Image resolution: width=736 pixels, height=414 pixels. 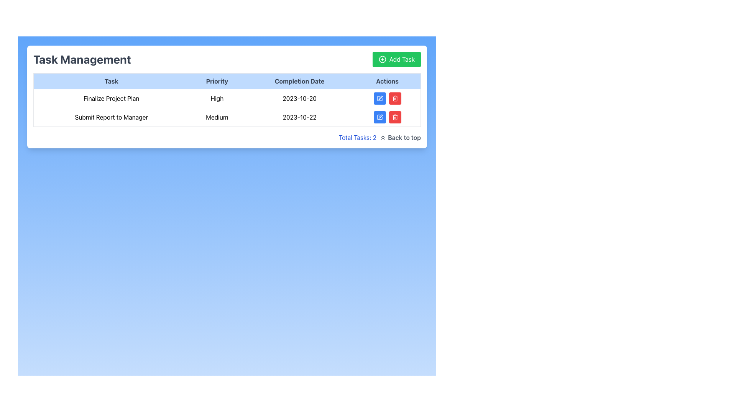 What do you see at coordinates (395, 117) in the screenshot?
I see `the small red rectangular button with a white trash bin icon` at bounding box center [395, 117].